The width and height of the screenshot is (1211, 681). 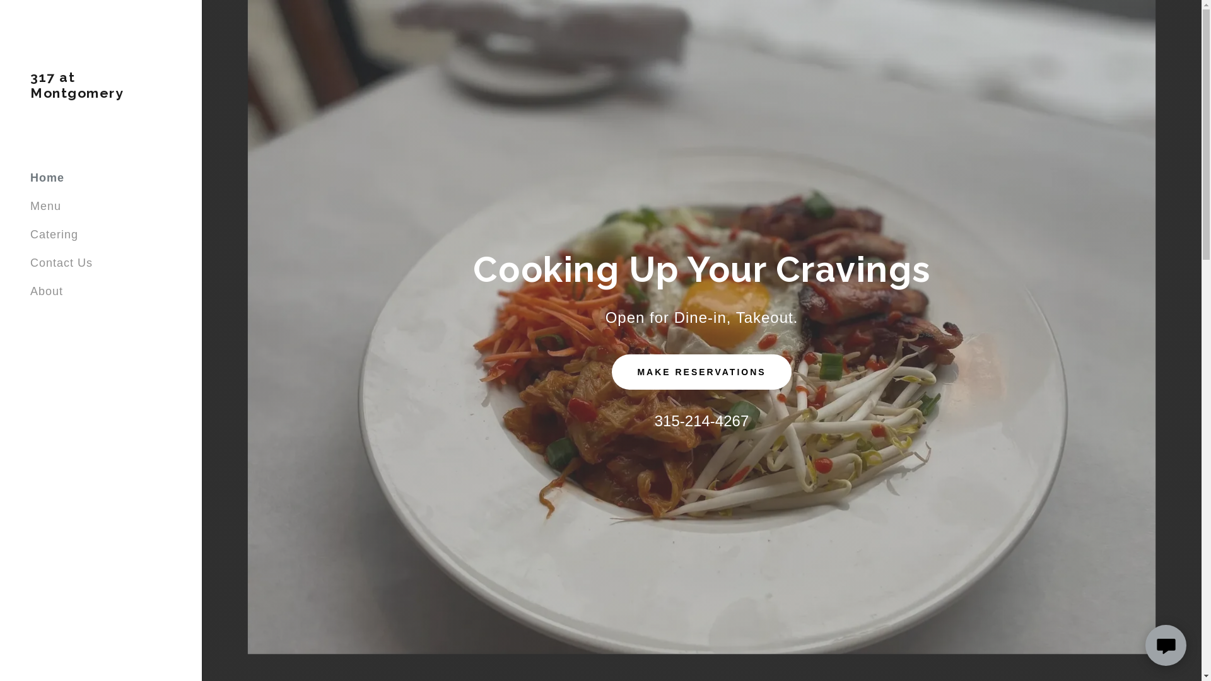 What do you see at coordinates (61, 262) in the screenshot?
I see `'Contact Us'` at bounding box center [61, 262].